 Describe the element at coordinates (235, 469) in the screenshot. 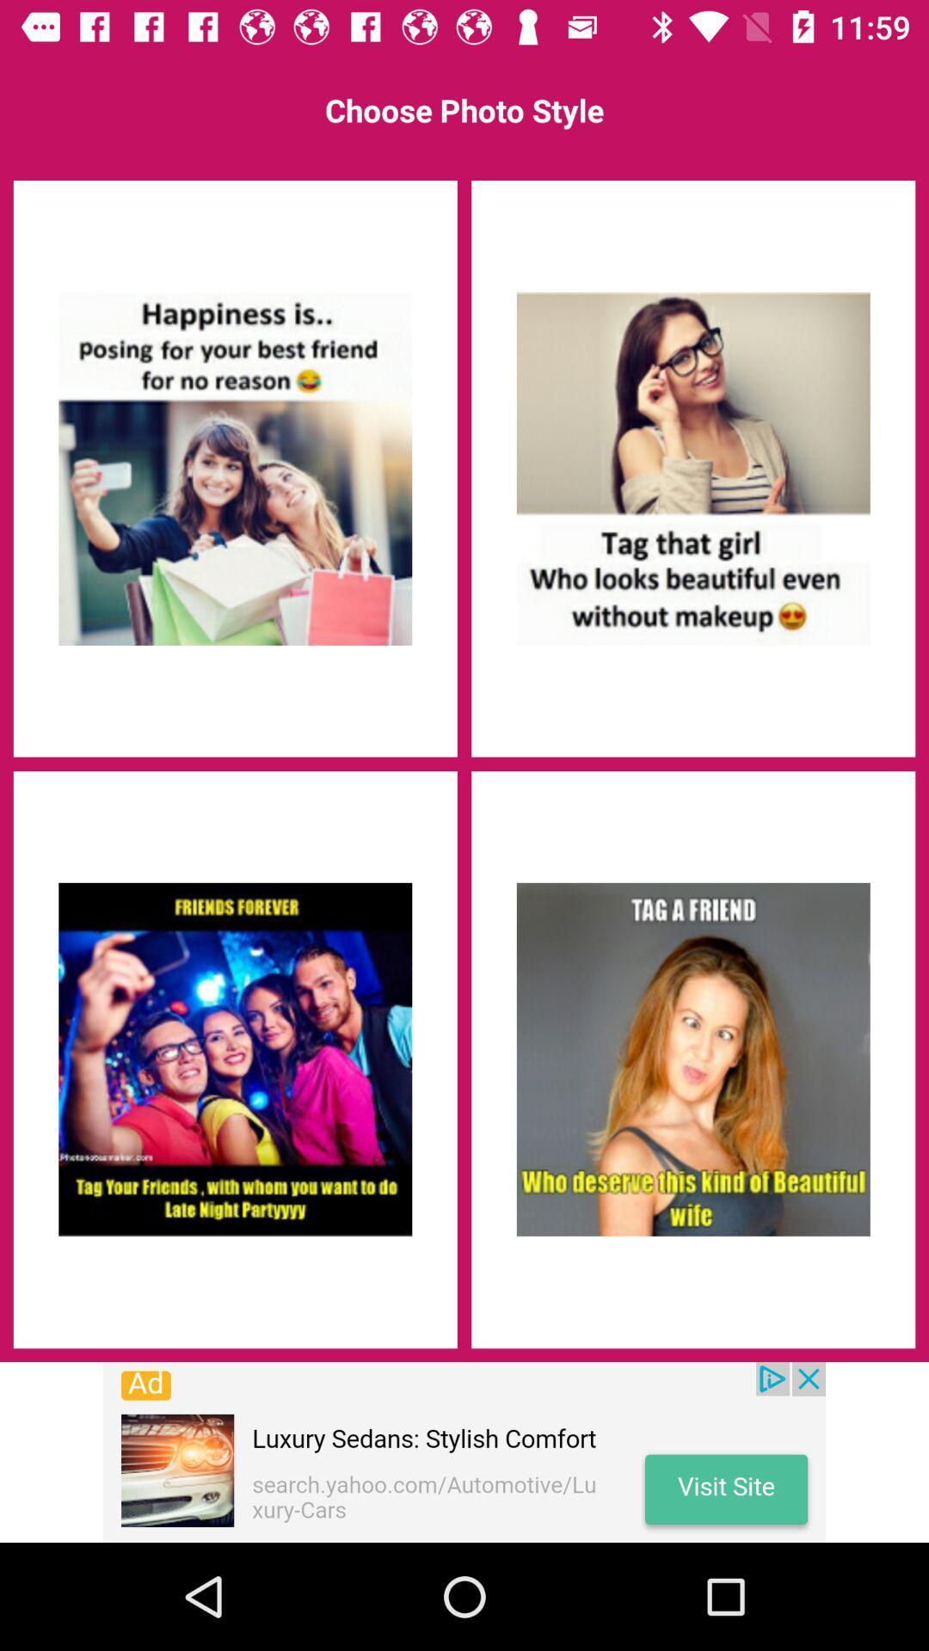

I see `advertisement` at that location.